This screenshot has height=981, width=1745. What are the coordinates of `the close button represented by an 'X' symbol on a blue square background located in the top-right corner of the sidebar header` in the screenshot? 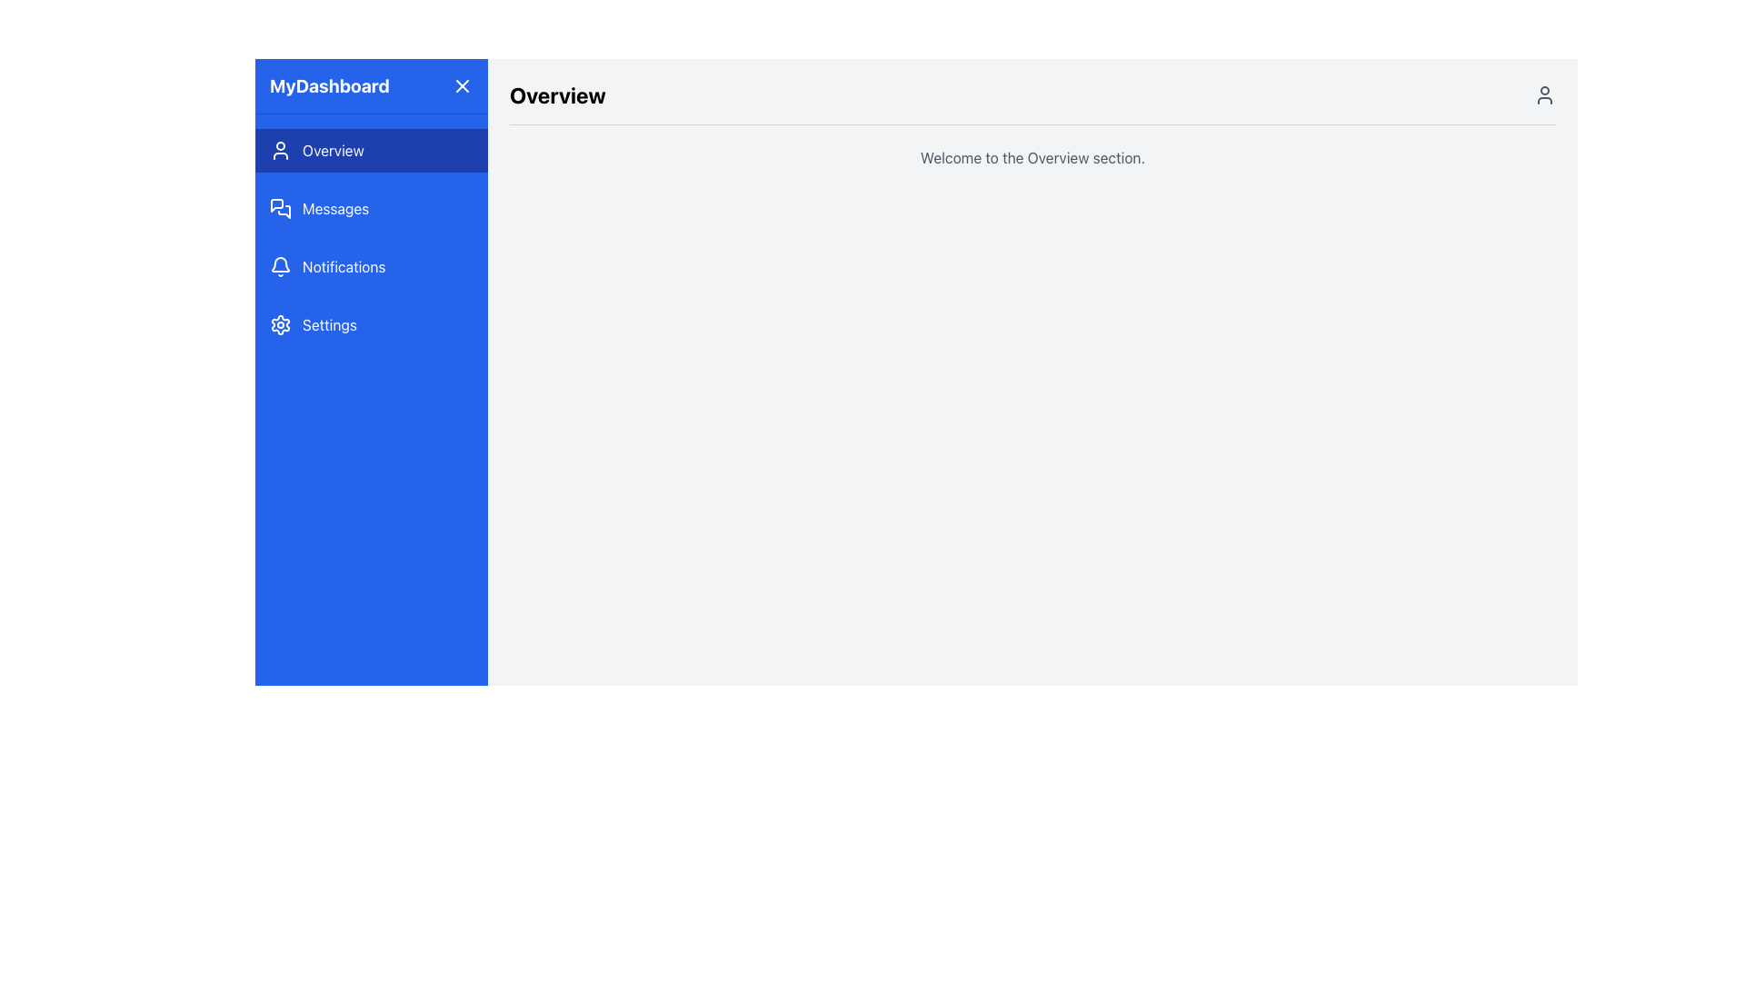 It's located at (462, 86).